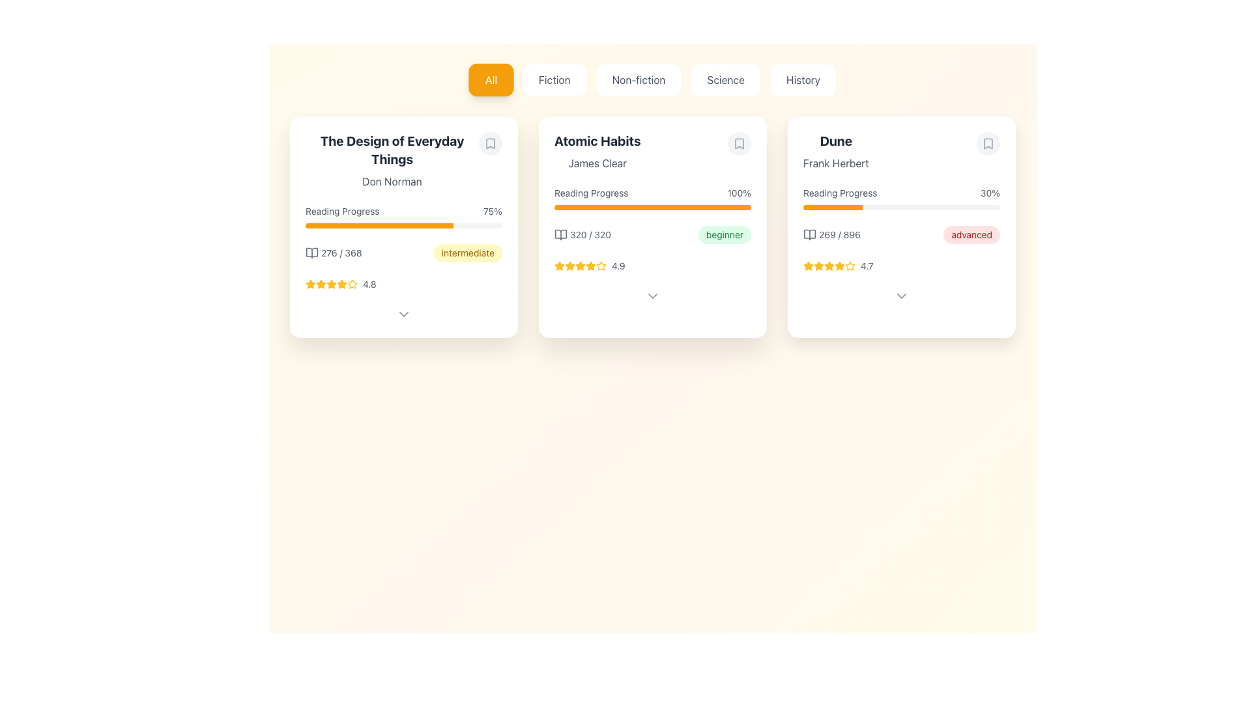  Describe the element at coordinates (569, 265) in the screenshot. I see `the yellow star icon which is the first in a row of five stars, part of the rating system for 'Atomic Habits' card, located near the rating text '4.9'` at that location.